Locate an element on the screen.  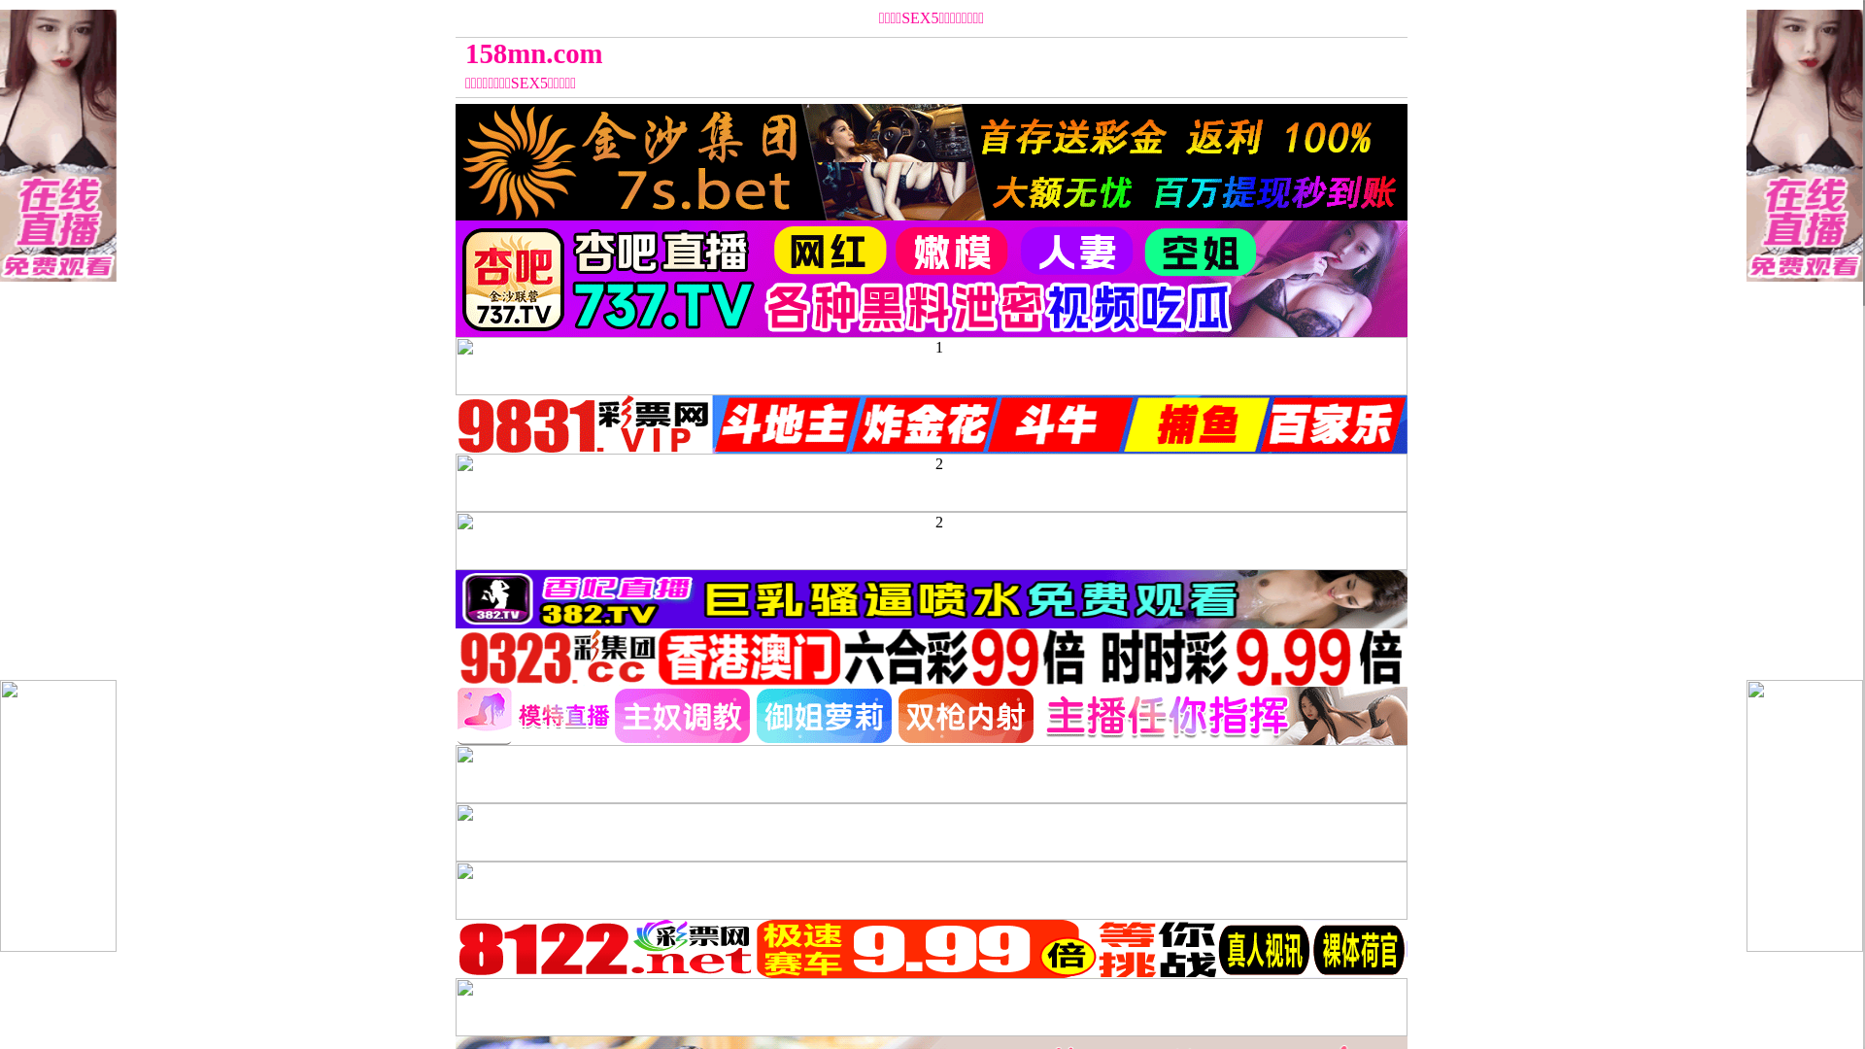
'158mn.com' is located at coordinates (812, 52).